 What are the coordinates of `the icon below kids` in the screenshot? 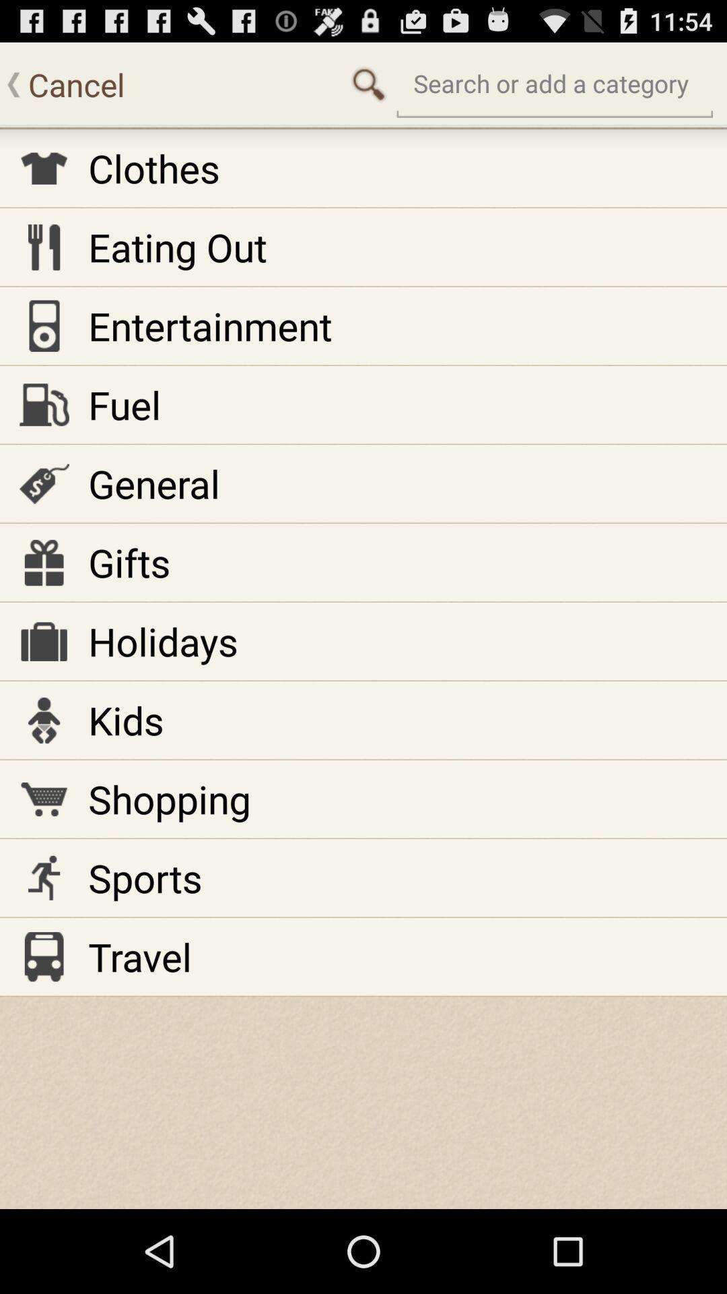 It's located at (168, 799).